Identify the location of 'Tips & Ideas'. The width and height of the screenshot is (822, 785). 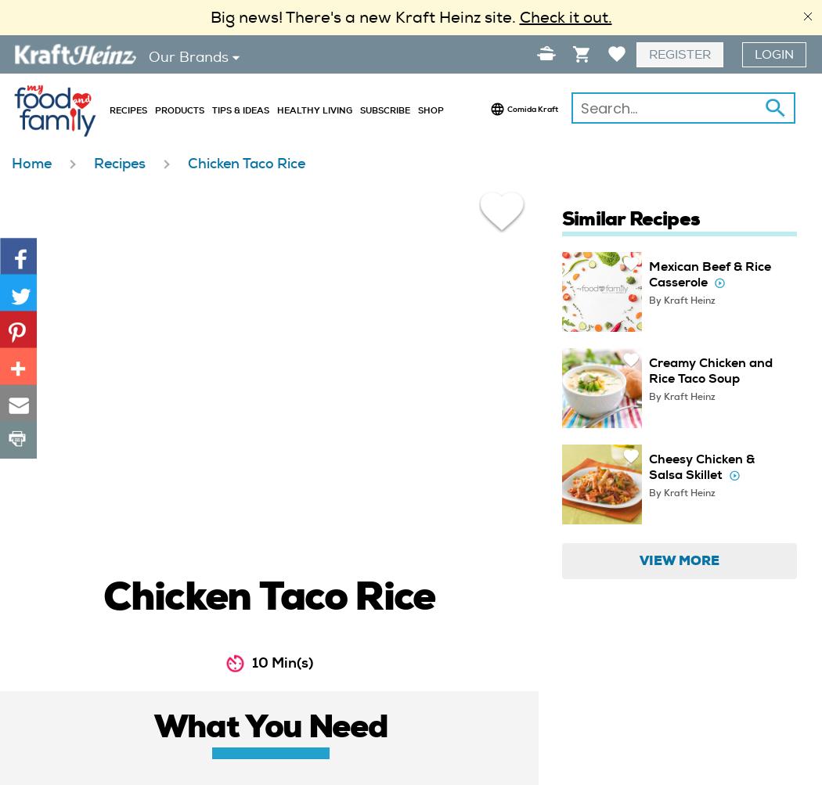
(240, 110).